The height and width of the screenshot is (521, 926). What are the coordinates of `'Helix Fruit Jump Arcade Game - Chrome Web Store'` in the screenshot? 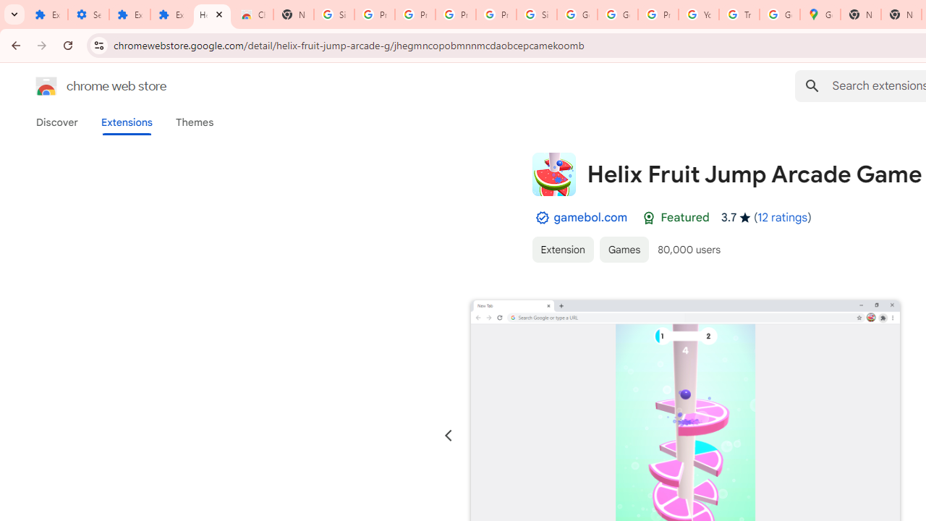 It's located at (211, 14).